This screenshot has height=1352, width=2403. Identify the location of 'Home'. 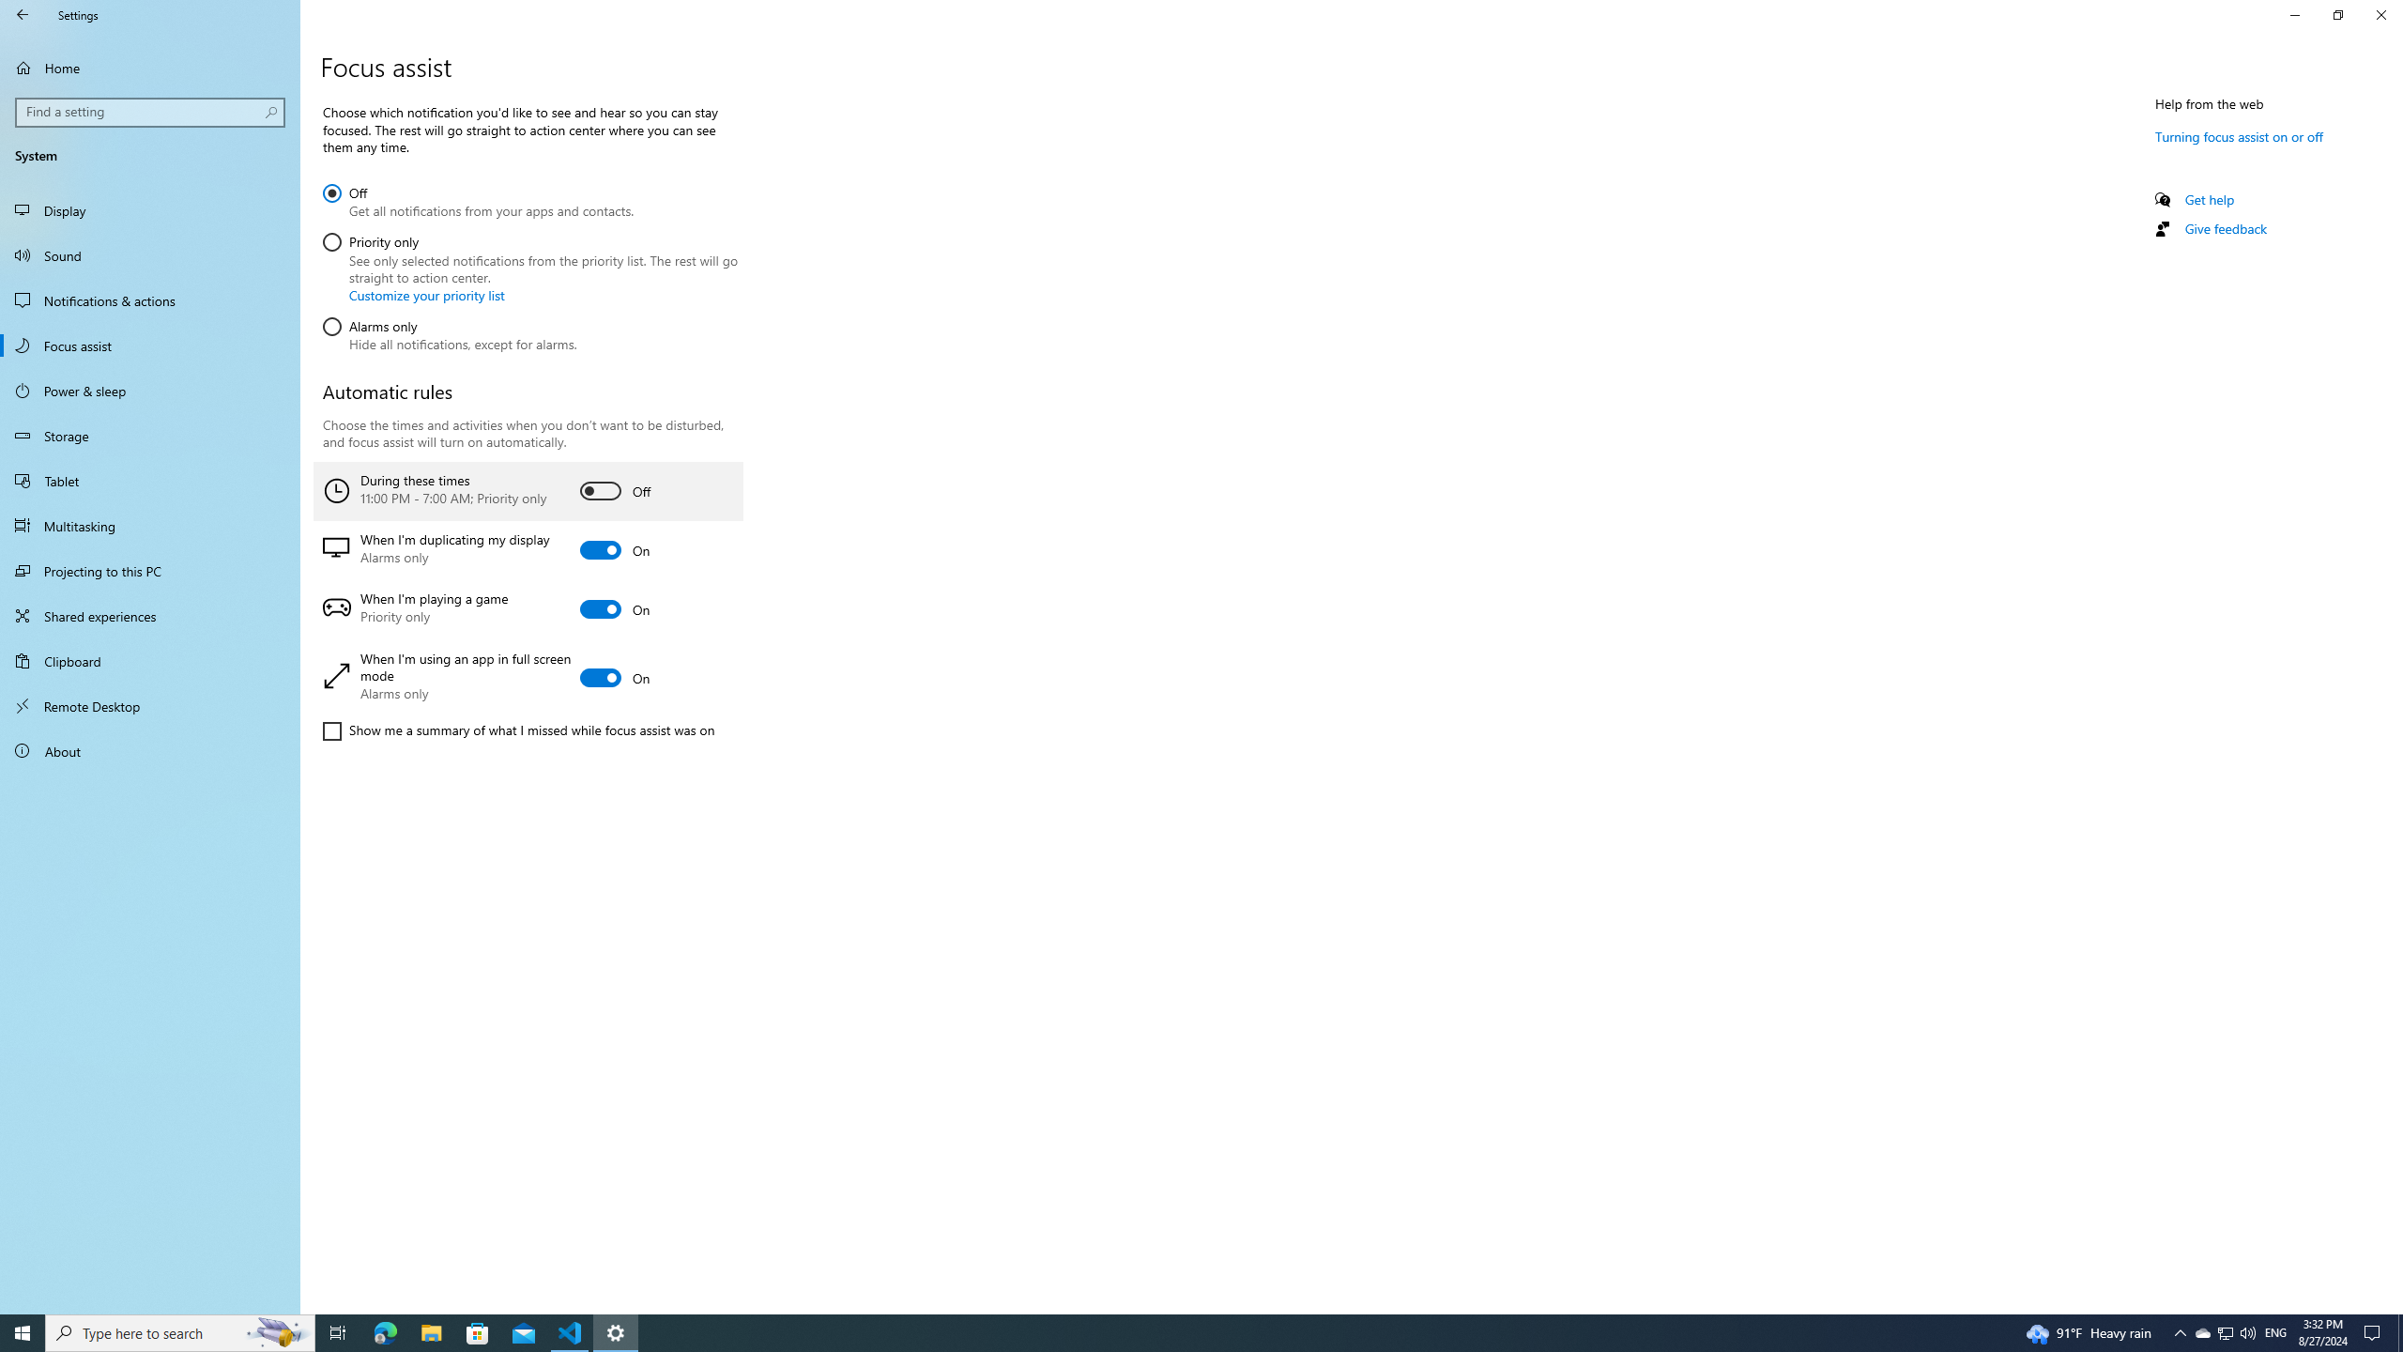
(149, 68).